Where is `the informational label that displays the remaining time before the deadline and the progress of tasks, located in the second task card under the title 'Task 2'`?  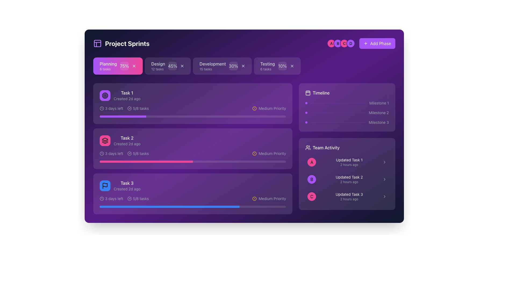
the informational label that displays the remaining time before the deadline and the progress of tasks, located in the second task card under the title 'Task 2' is located at coordinates (124, 153).